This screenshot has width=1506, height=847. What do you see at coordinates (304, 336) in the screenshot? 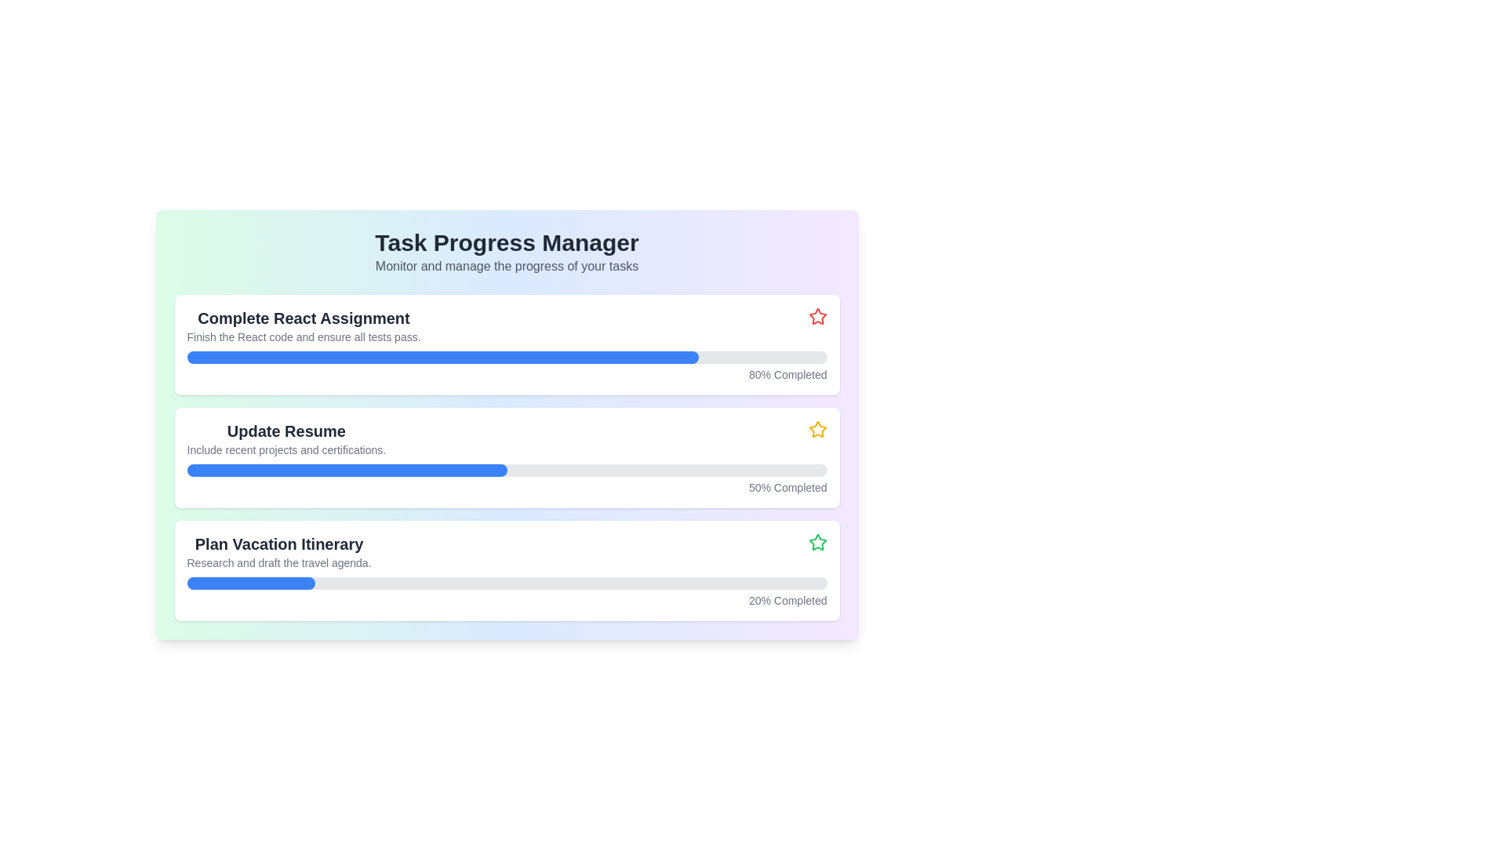
I see `text element that provides additional details under the heading 'Complete React Assignment', which reads 'Finish the React code and ensure all tests pass.'` at bounding box center [304, 336].